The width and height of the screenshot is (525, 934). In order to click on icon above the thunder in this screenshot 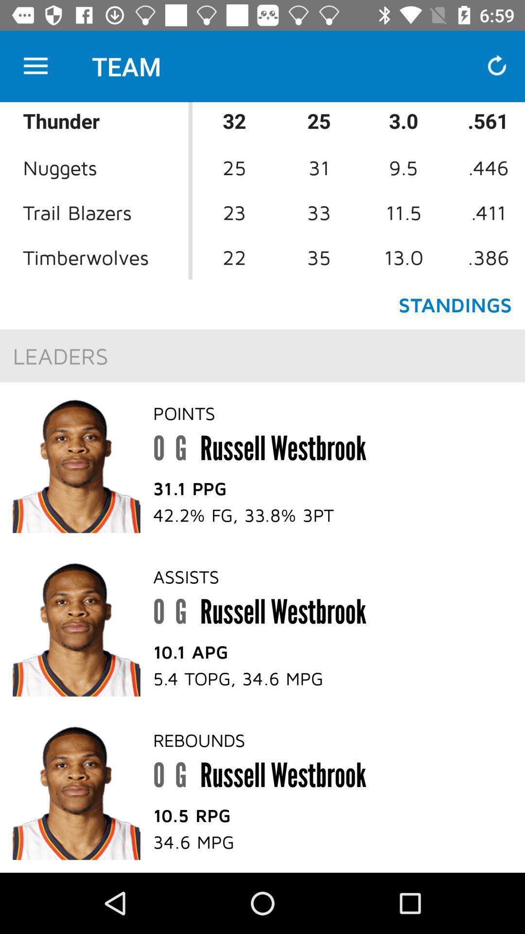, I will do `click(35, 66)`.